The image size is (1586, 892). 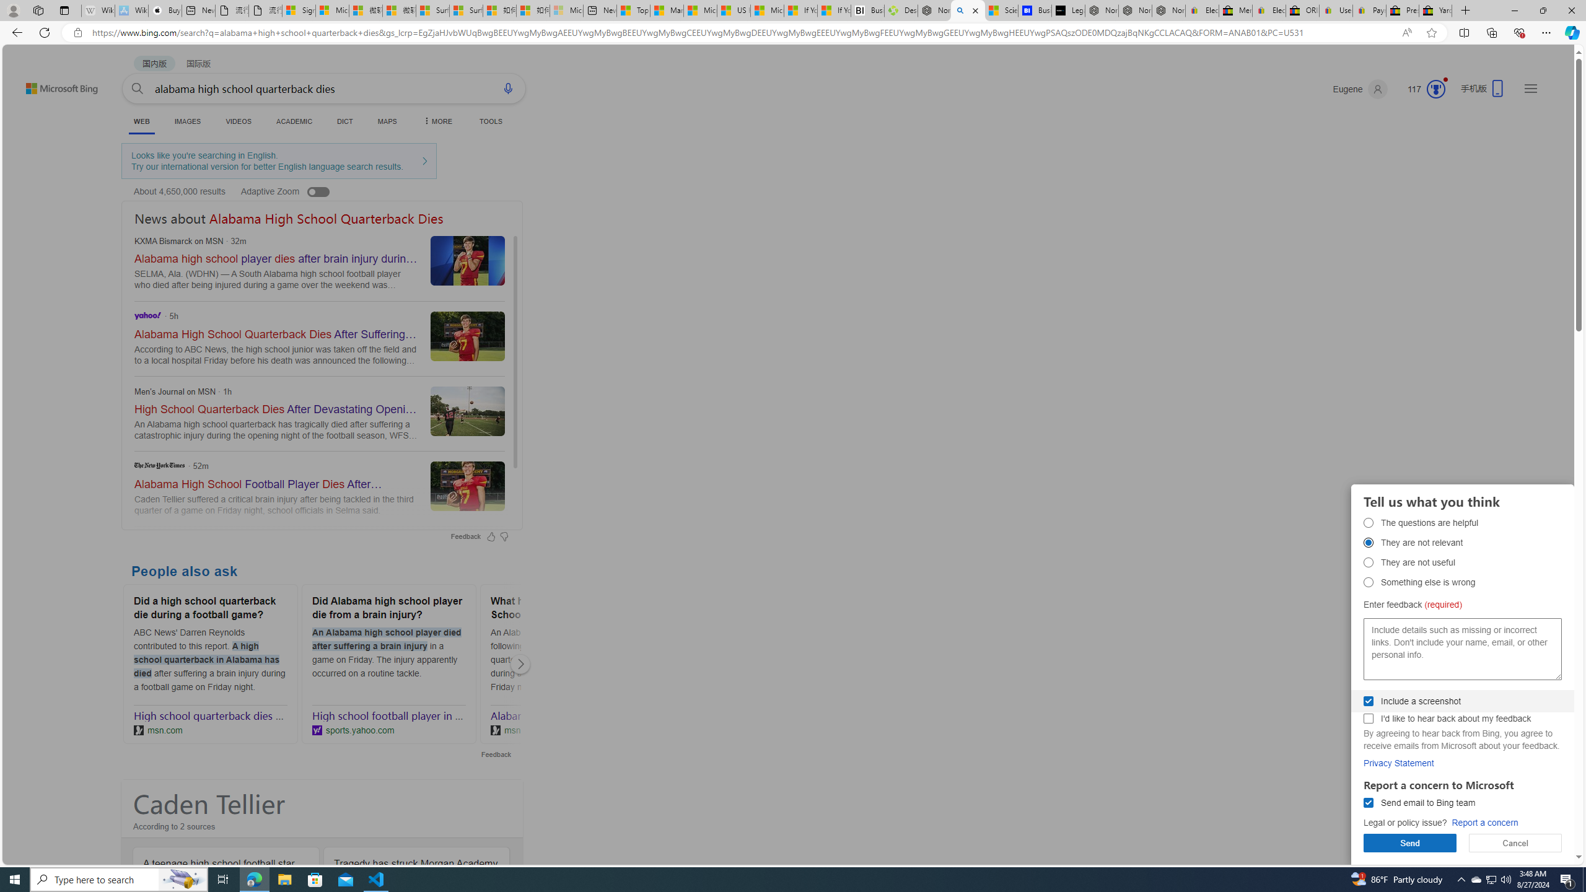 What do you see at coordinates (1434, 10) in the screenshot?
I see `'Yard, Garden & Outdoor Living'` at bounding box center [1434, 10].